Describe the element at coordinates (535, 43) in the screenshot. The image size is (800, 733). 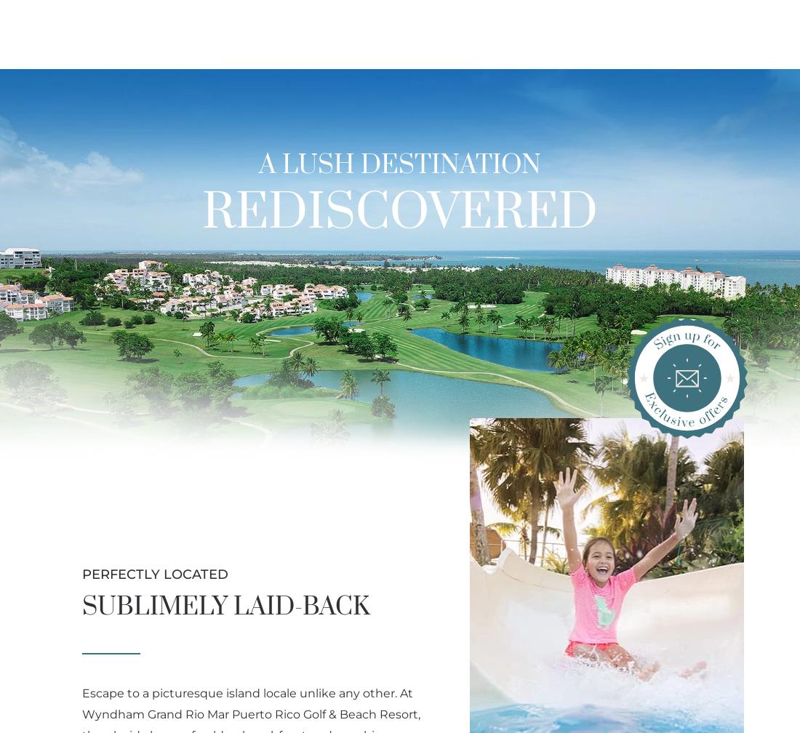
I see `'Golf'` at that location.